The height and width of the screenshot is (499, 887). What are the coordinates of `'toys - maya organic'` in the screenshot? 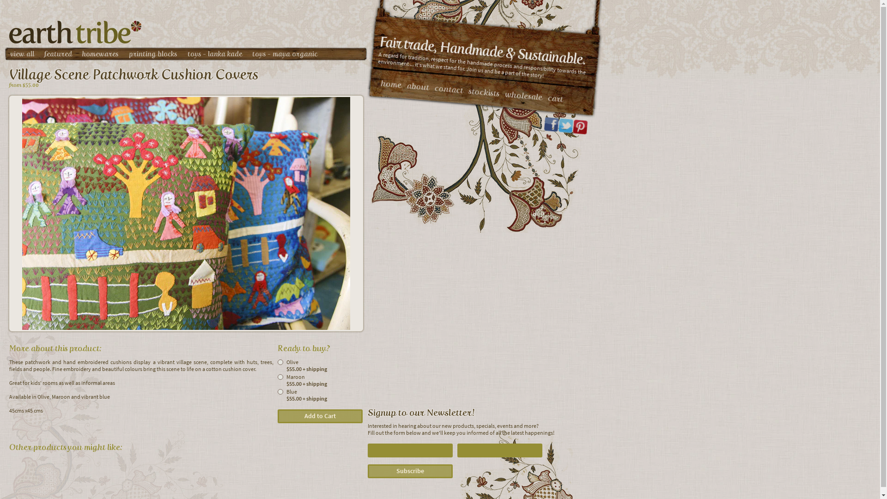 It's located at (284, 54).